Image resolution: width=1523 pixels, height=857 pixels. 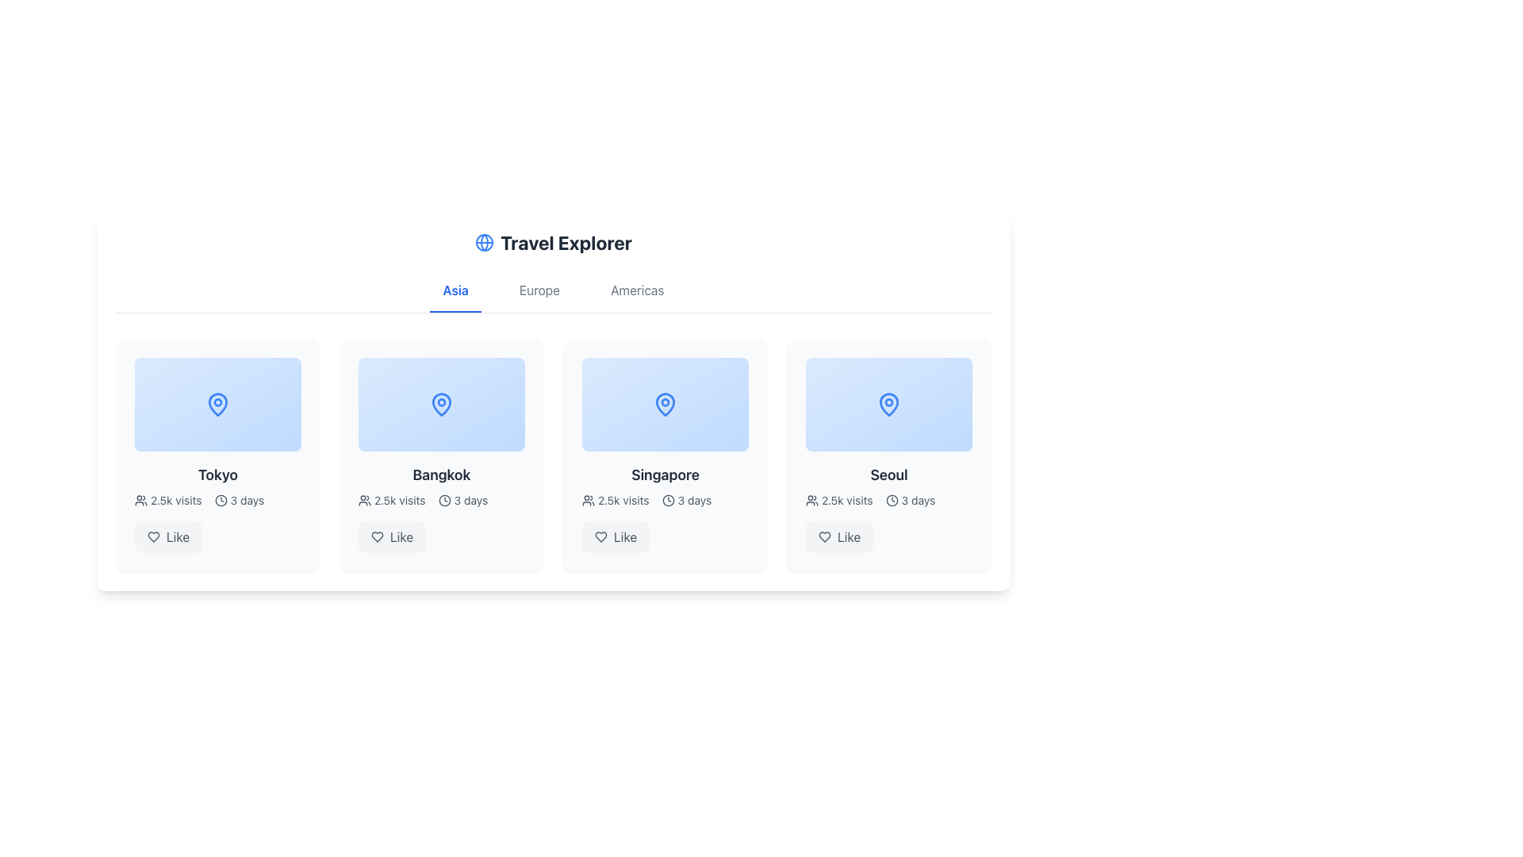 I want to click on the text label displaying '2.5k visits' located at the bottom section of the card for the 'Seoul' destination, so click(x=846, y=501).